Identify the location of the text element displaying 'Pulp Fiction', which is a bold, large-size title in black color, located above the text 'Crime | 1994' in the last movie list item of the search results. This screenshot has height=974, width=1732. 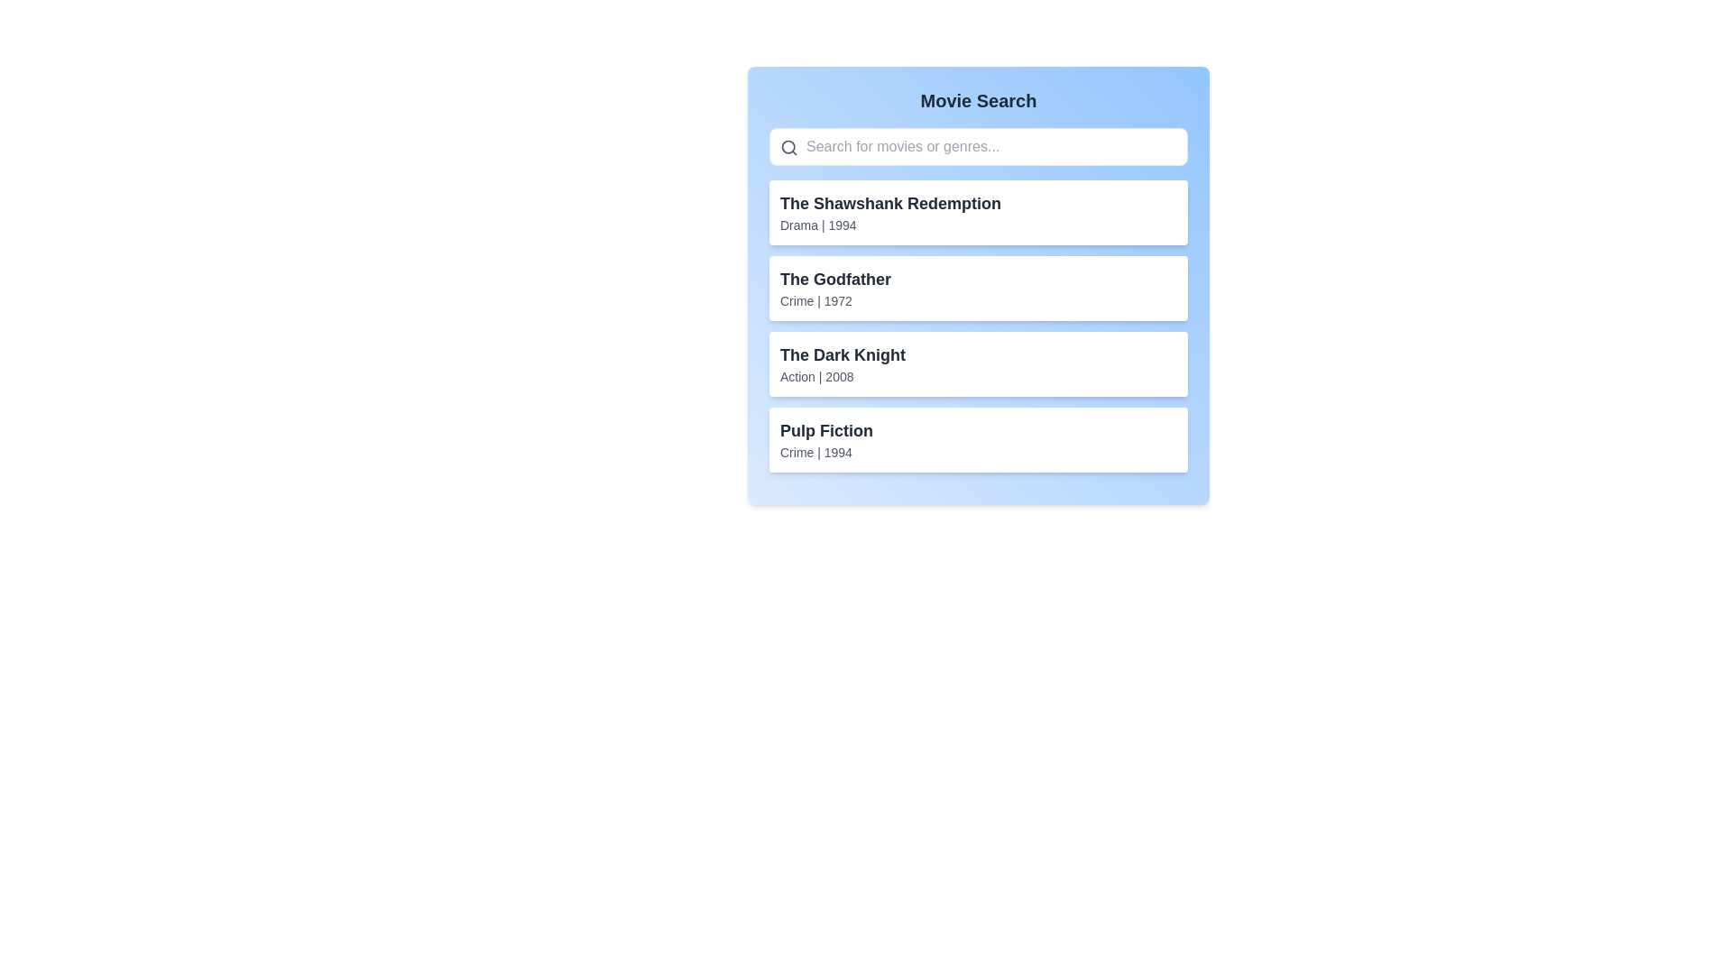
(825, 431).